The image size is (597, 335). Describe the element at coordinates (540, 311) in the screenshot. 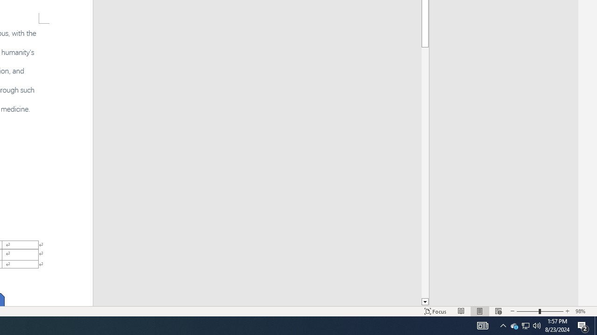

I see `'Zoom'` at that location.